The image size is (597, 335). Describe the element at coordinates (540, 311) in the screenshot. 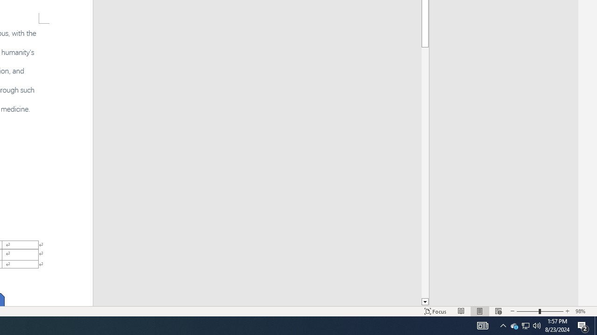

I see `'Zoom'` at that location.